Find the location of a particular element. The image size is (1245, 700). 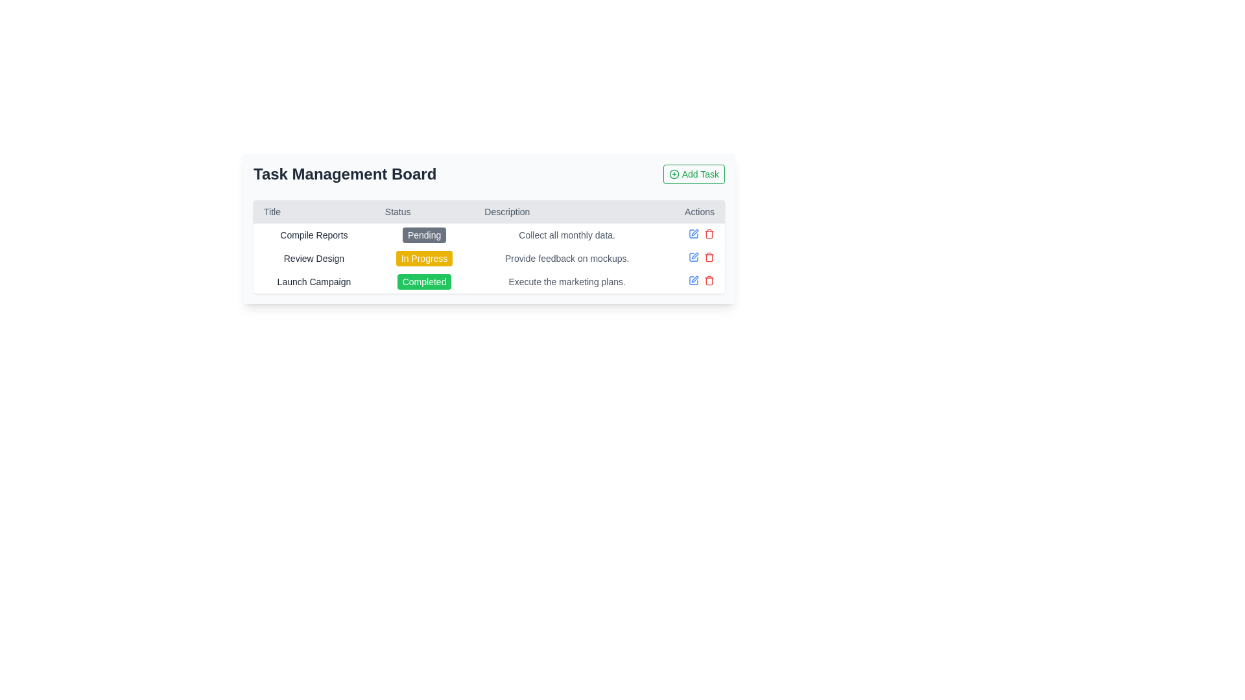

the status indicator for the task 'Compile Reports', which shows 'Pending' in the 'Status' column of the task management table is located at coordinates (424, 235).